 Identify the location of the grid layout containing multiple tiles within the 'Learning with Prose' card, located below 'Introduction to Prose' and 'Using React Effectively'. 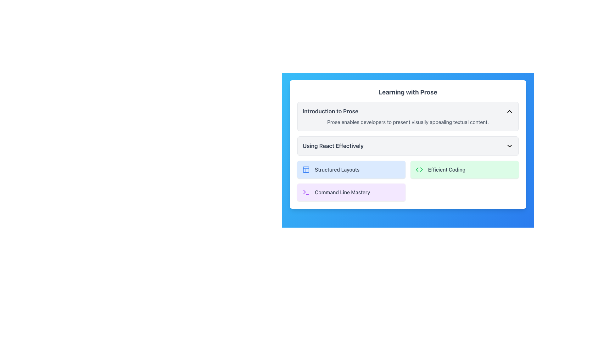
(408, 181).